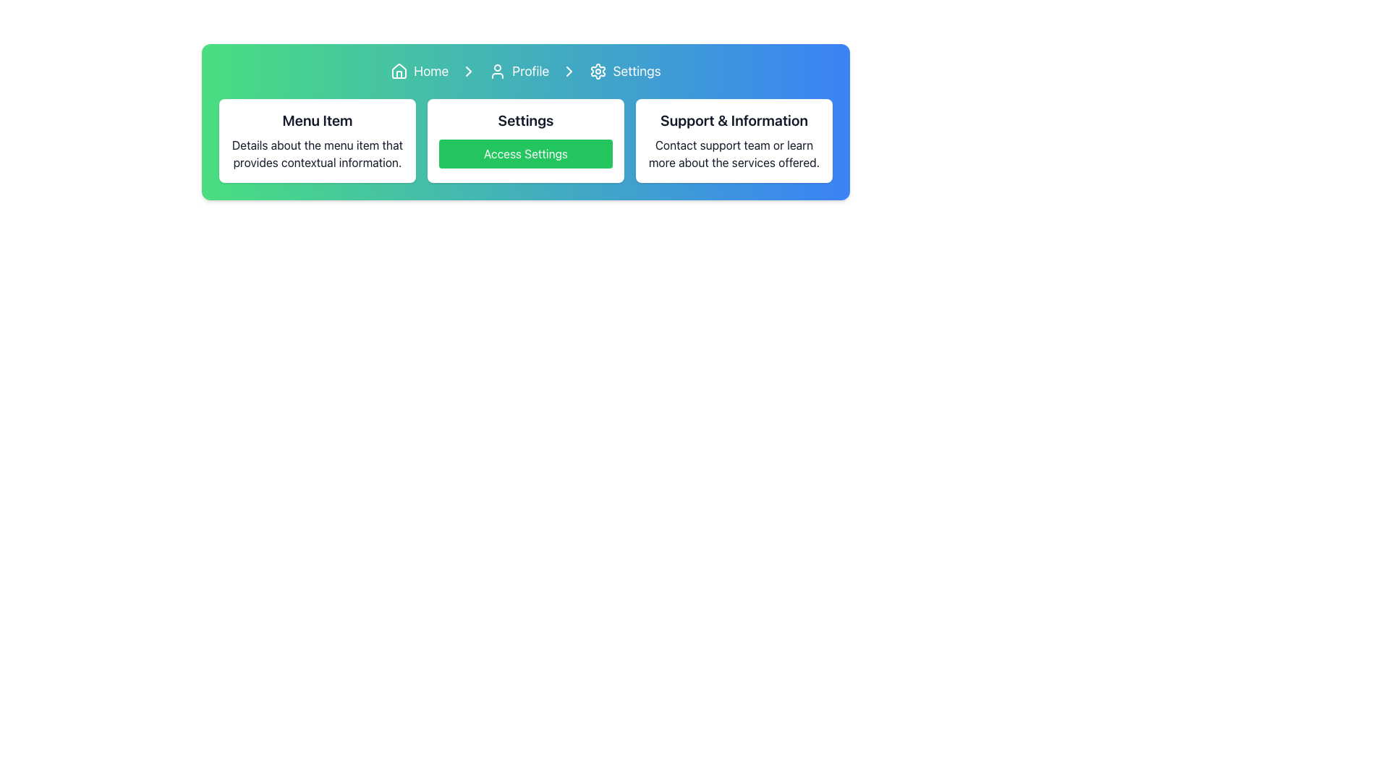 This screenshot has width=1389, height=781. Describe the element at coordinates (469, 72) in the screenshot. I see `the navigation icon located between the 'Profile' text and the 'Settings' section` at that location.